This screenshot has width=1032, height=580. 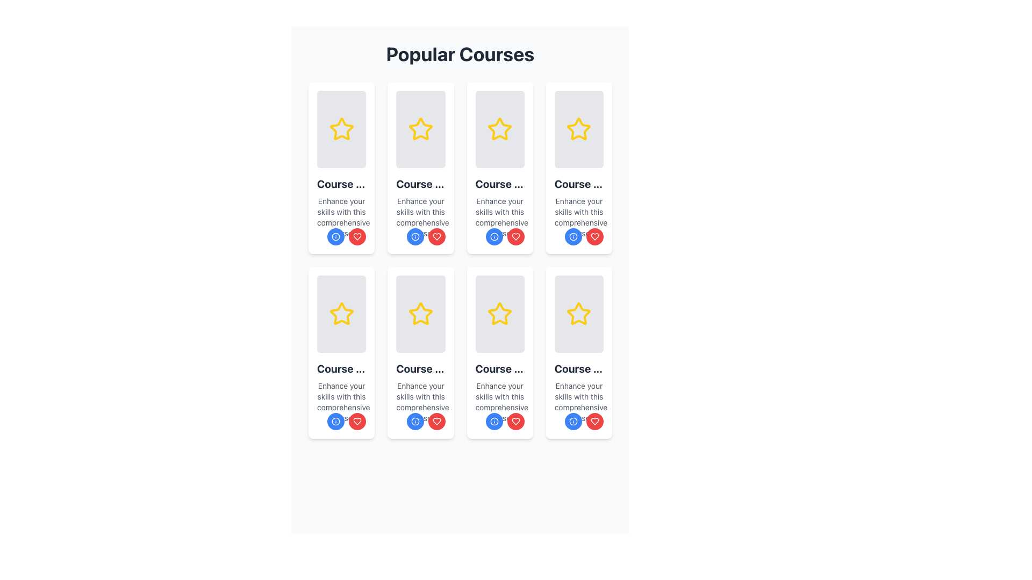 I want to click on the Decorative Placeholder that displays the star icon at the top center of the 'Popular Courses' card, so click(x=341, y=128).